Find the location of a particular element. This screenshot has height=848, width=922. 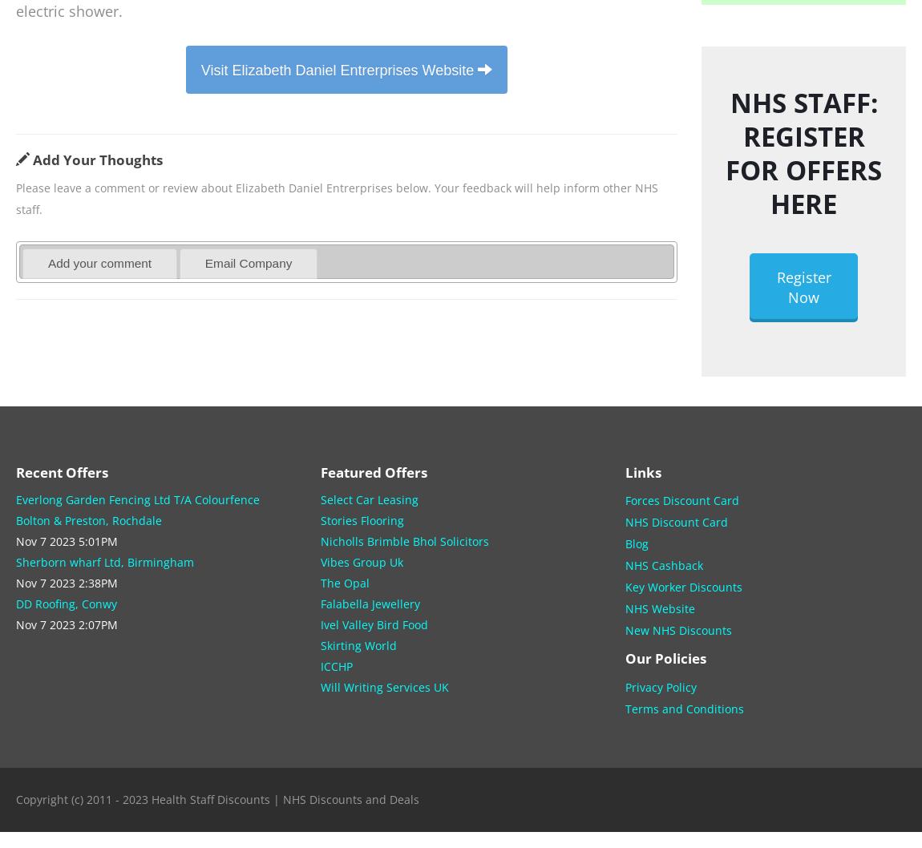

'Visit Elizabeth Daniel Entrerprises Website' is located at coordinates (338, 69).